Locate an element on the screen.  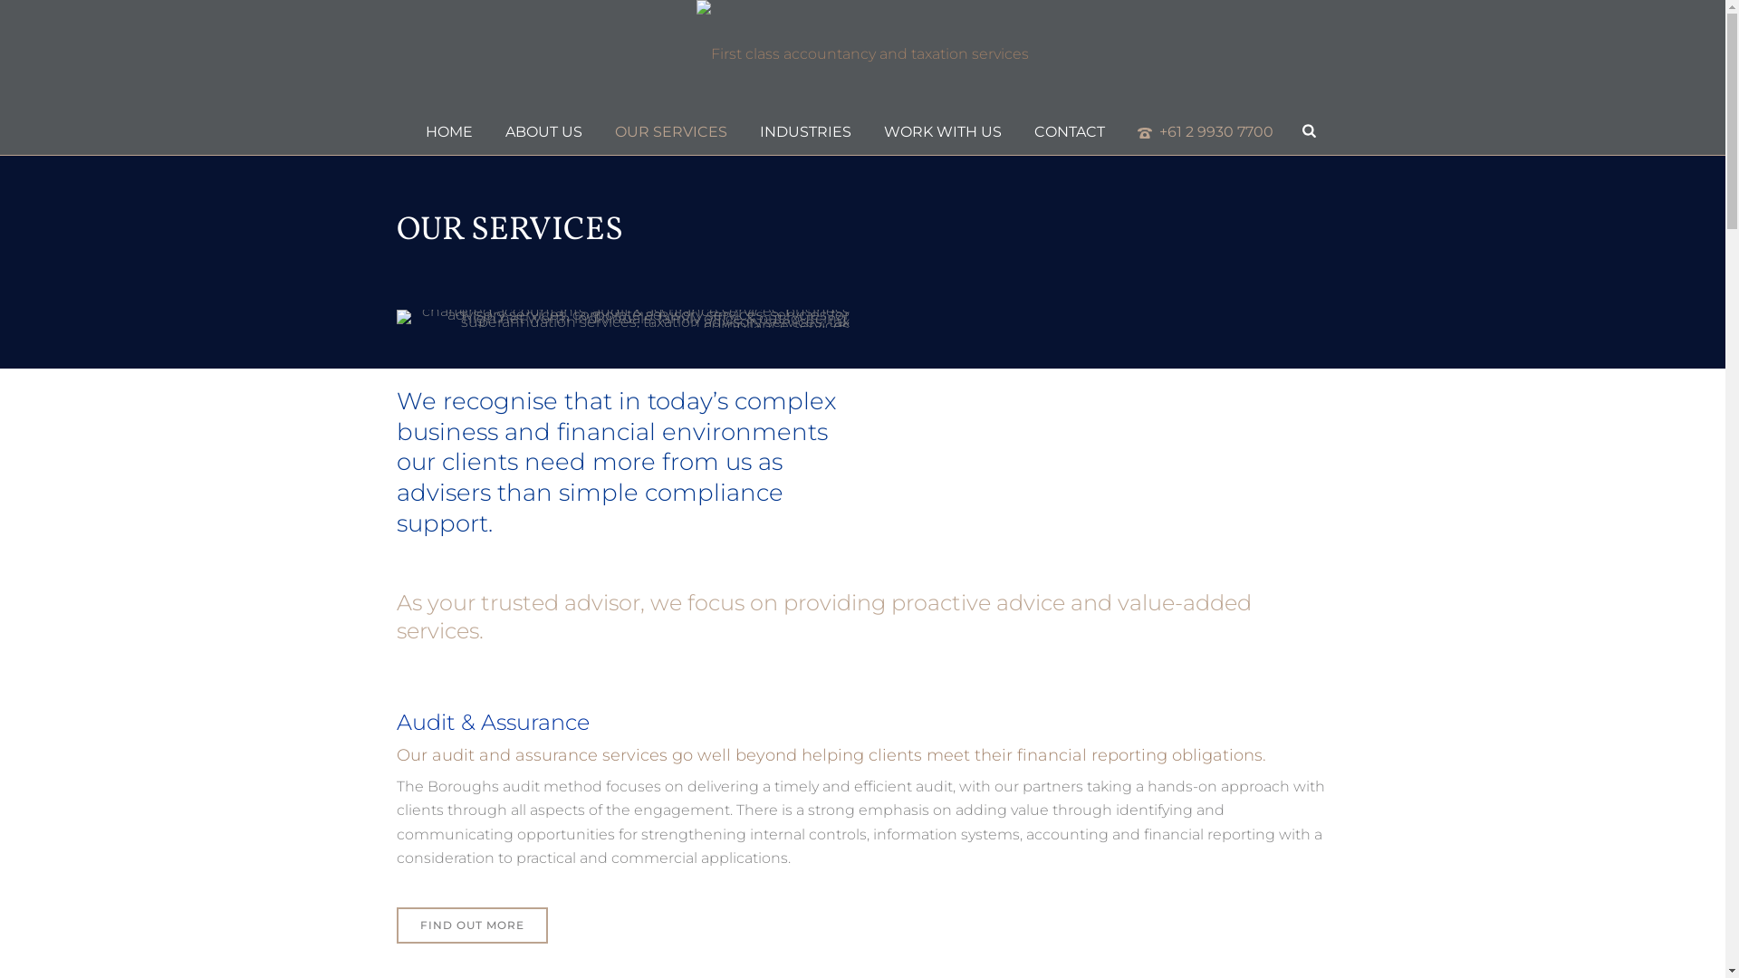
'WORK WITH US' is located at coordinates (942, 130).